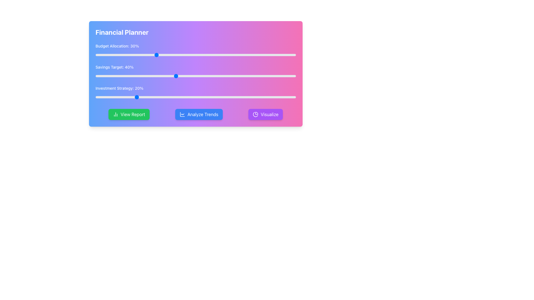 The image size is (534, 300). What do you see at coordinates (139, 55) in the screenshot?
I see `the budget allocation slider` at bounding box center [139, 55].